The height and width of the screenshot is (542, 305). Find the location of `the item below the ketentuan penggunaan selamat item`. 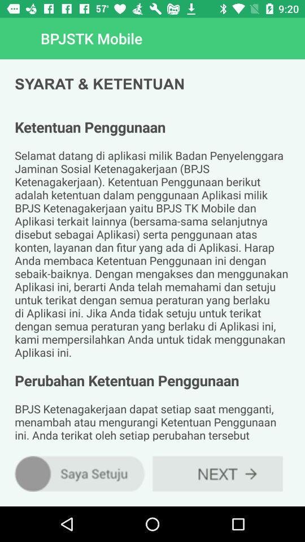

the item below the ketentuan penggunaan selamat item is located at coordinates (79, 474).